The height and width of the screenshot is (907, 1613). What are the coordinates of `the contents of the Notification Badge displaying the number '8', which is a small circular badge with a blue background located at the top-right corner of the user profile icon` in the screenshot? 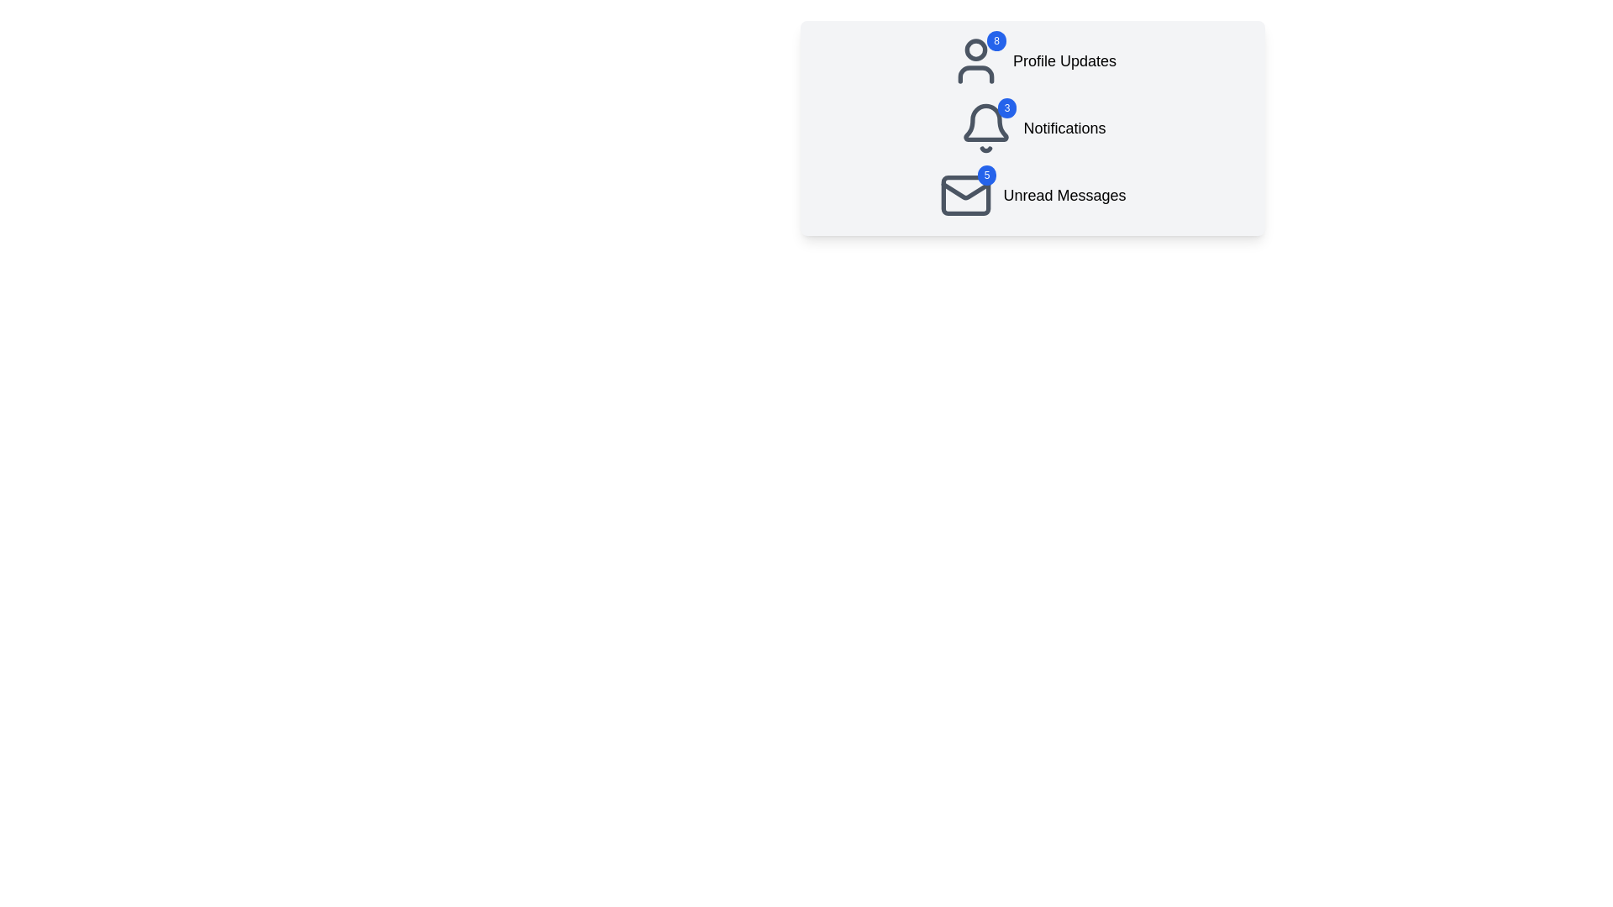 It's located at (996, 40).